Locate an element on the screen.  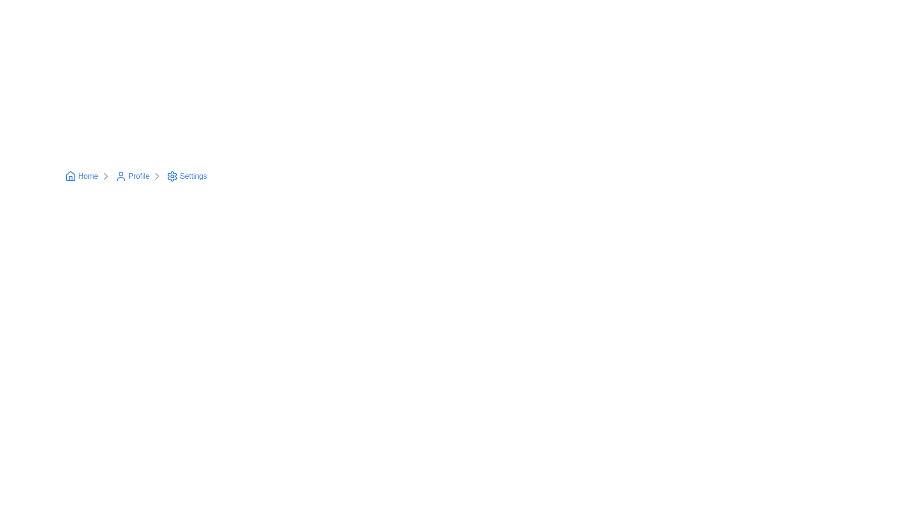
the arrow icon which acts as a visual separator between 'Profile' and 'Settings' in the navigation bar is located at coordinates (157, 176).